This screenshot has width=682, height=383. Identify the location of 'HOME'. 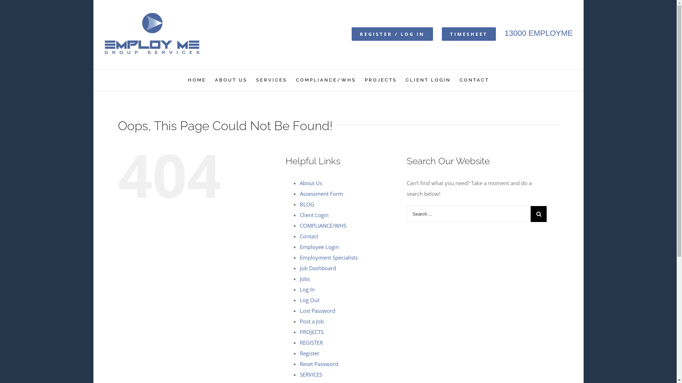
(188, 80).